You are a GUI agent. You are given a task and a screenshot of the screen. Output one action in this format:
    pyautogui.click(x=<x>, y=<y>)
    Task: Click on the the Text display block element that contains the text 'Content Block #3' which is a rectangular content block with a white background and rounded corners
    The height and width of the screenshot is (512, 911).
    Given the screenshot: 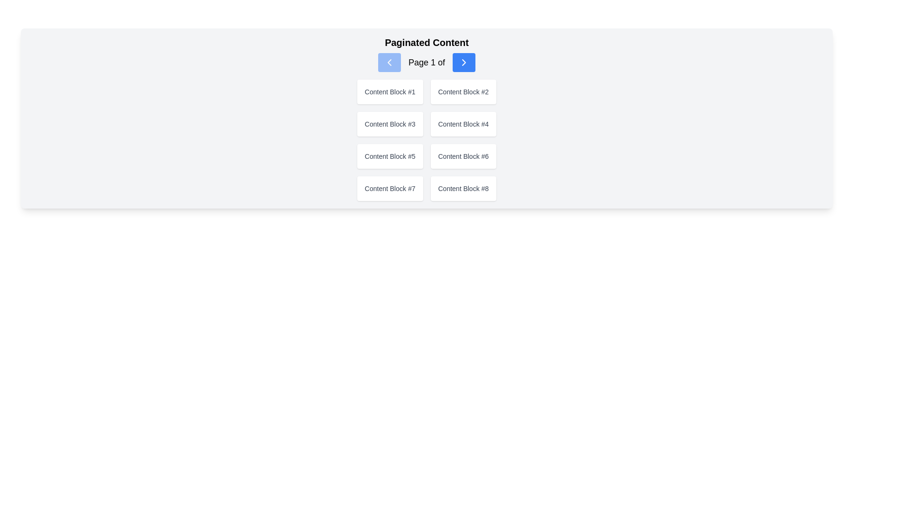 What is the action you would take?
    pyautogui.click(x=390, y=124)
    